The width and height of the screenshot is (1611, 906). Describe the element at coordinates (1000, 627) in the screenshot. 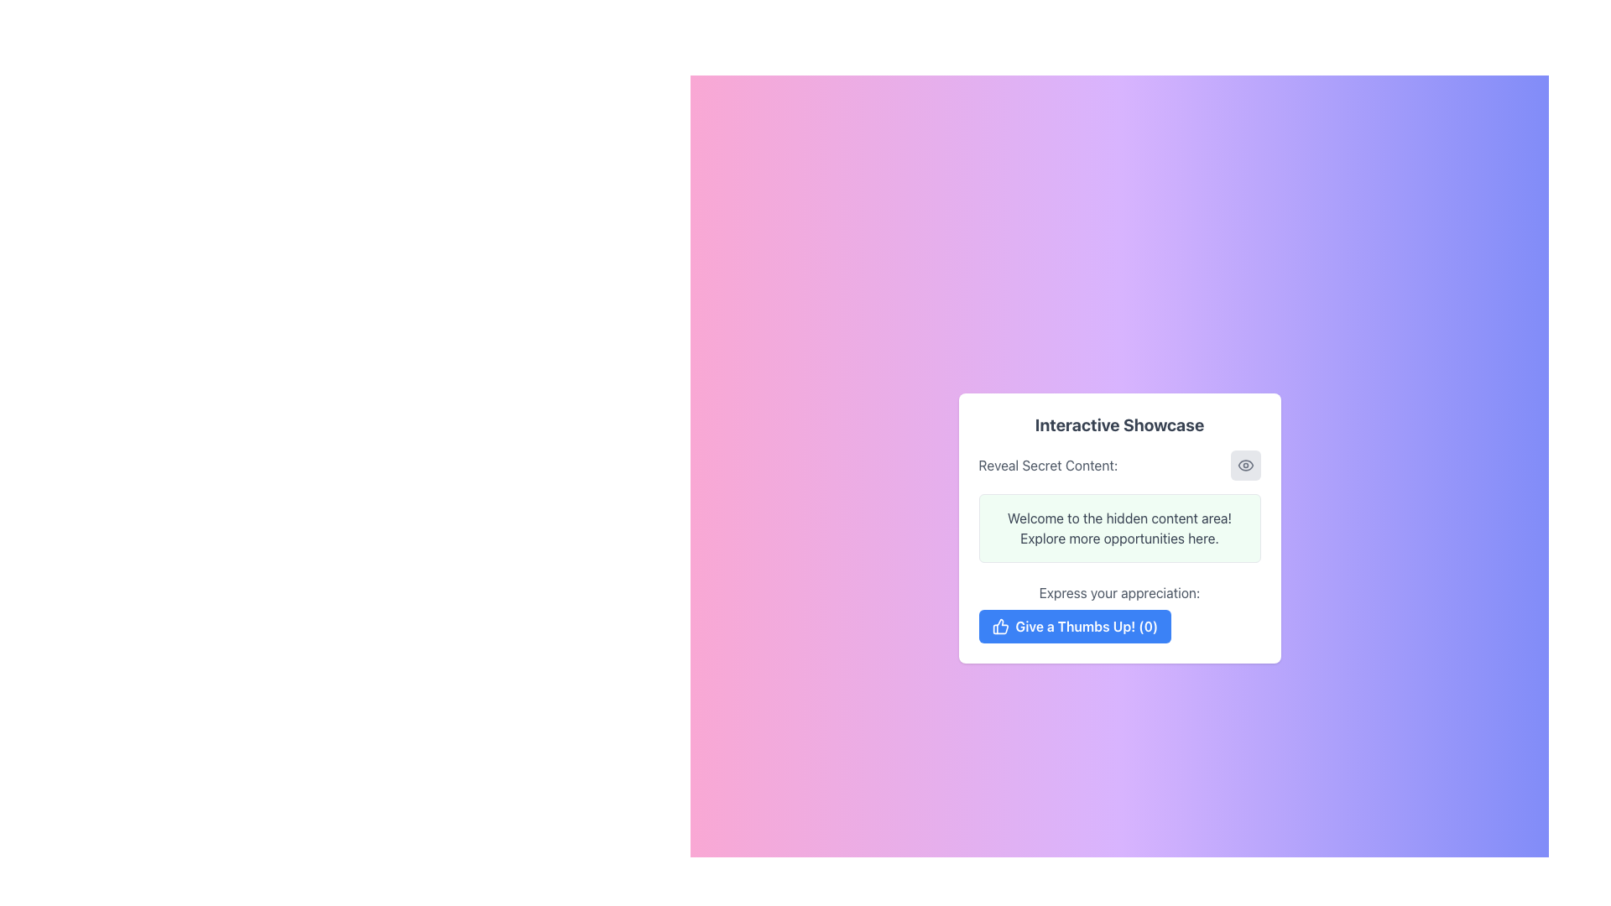

I see `the thumbs-up icon, which is the leftmost component of the button labeled 'Give a Thumbs Up! (0)' located at the bottom of the card` at that location.